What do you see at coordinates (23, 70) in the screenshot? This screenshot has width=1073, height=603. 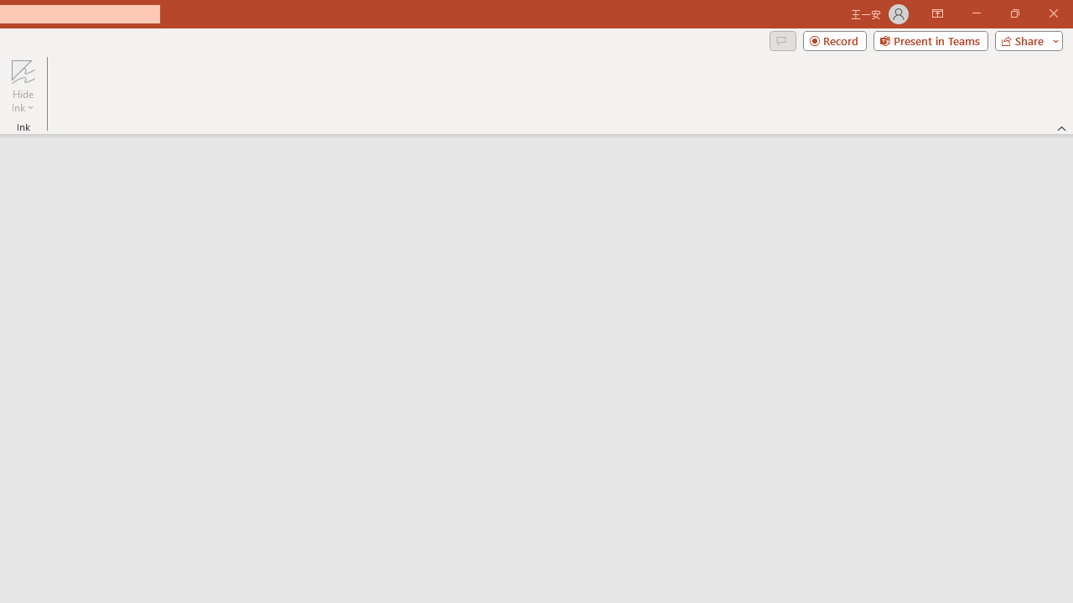 I see `'Hide Ink'` at bounding box center [23, 70].